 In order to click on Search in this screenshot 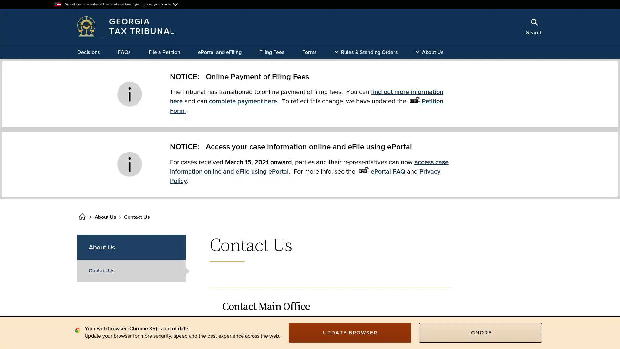, I will do `click(534, 27)`.